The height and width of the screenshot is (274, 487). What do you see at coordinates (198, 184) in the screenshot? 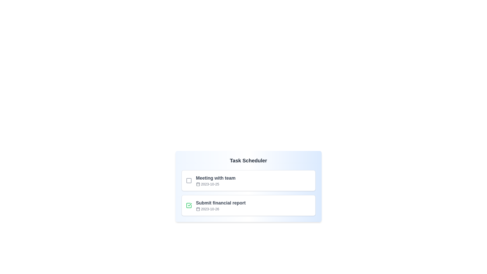
I see `the small calendar icon located to the left of the date text '2023-10-25', which is part of the visual grouping for 'Meeting with team'` at bounding box center [198, 184].